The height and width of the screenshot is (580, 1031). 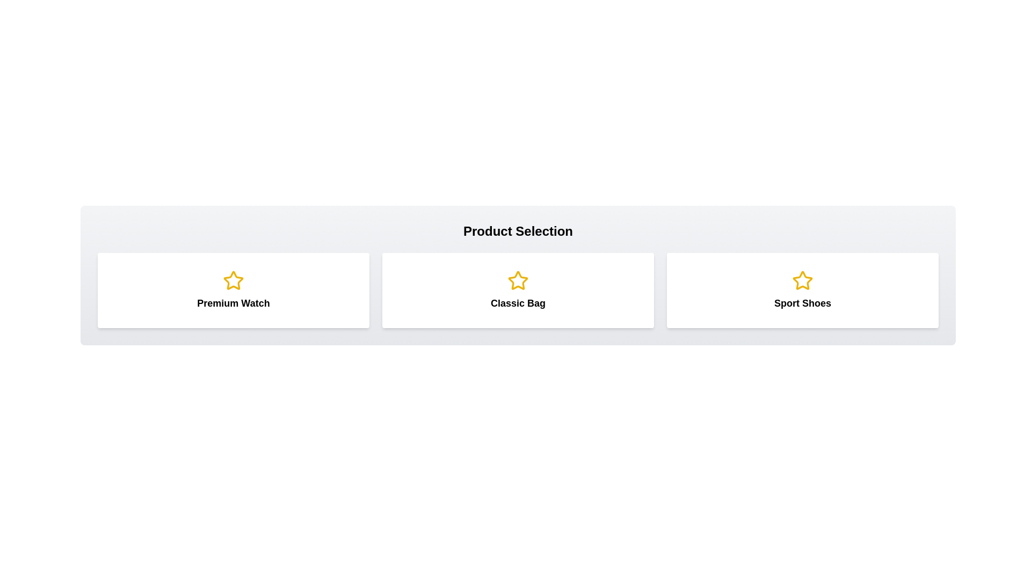 What do you see at coordinates (233, 290) in the screenshot?
I see `the center of the 'Premium Watch' selectable product card, which is the leftmost card in a grid of three product cards` at bounding box center [233, 290].